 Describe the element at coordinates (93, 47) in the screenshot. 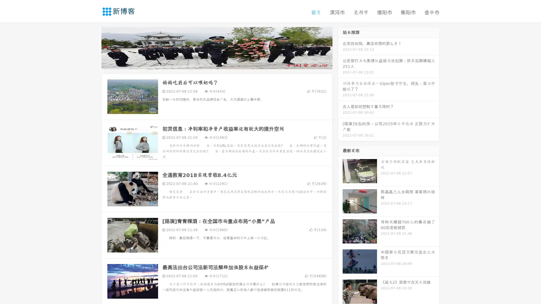

I see `Previous slide` at that location.